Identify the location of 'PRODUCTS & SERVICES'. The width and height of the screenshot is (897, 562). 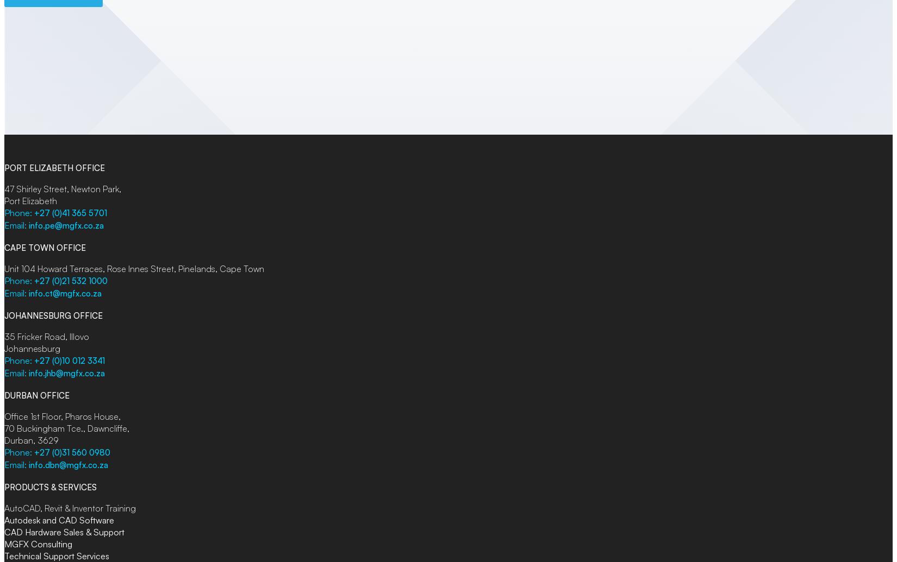
(51, 487).